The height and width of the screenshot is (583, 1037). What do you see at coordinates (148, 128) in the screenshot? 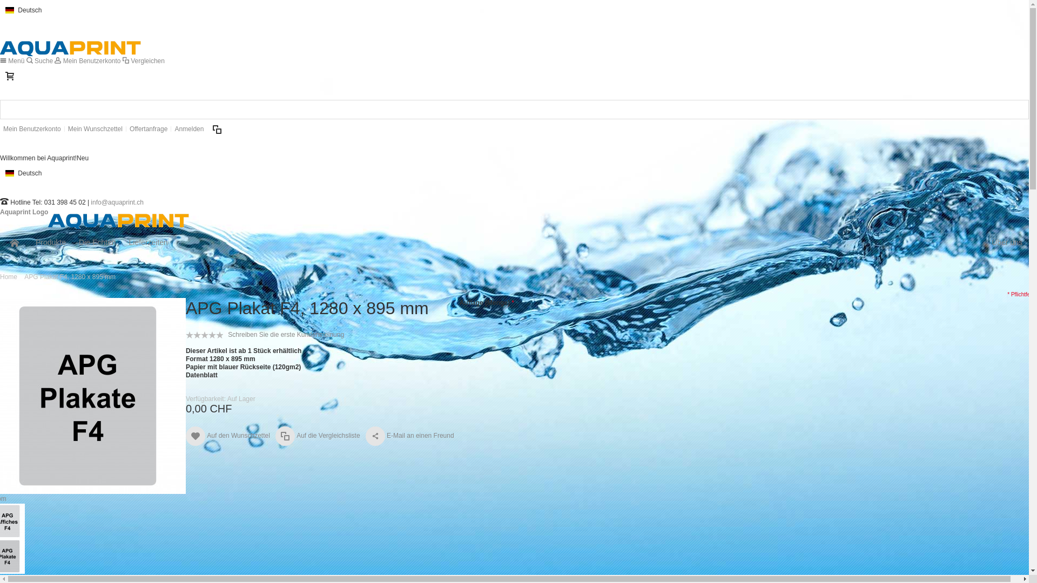
I see `'Offertanfrage'` at bounding box center [148, 128].